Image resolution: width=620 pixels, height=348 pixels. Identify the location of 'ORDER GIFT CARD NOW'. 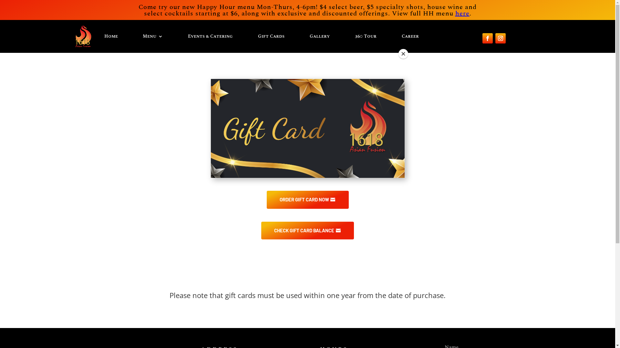
(266, 199).